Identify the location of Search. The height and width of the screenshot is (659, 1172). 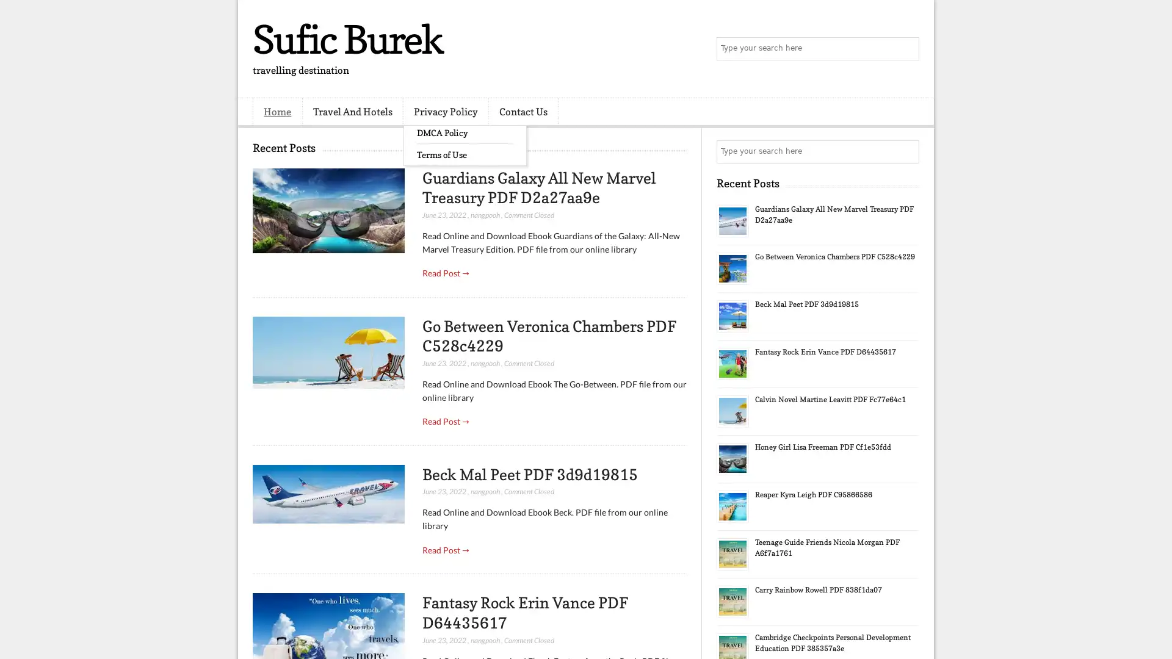
(906, 151).